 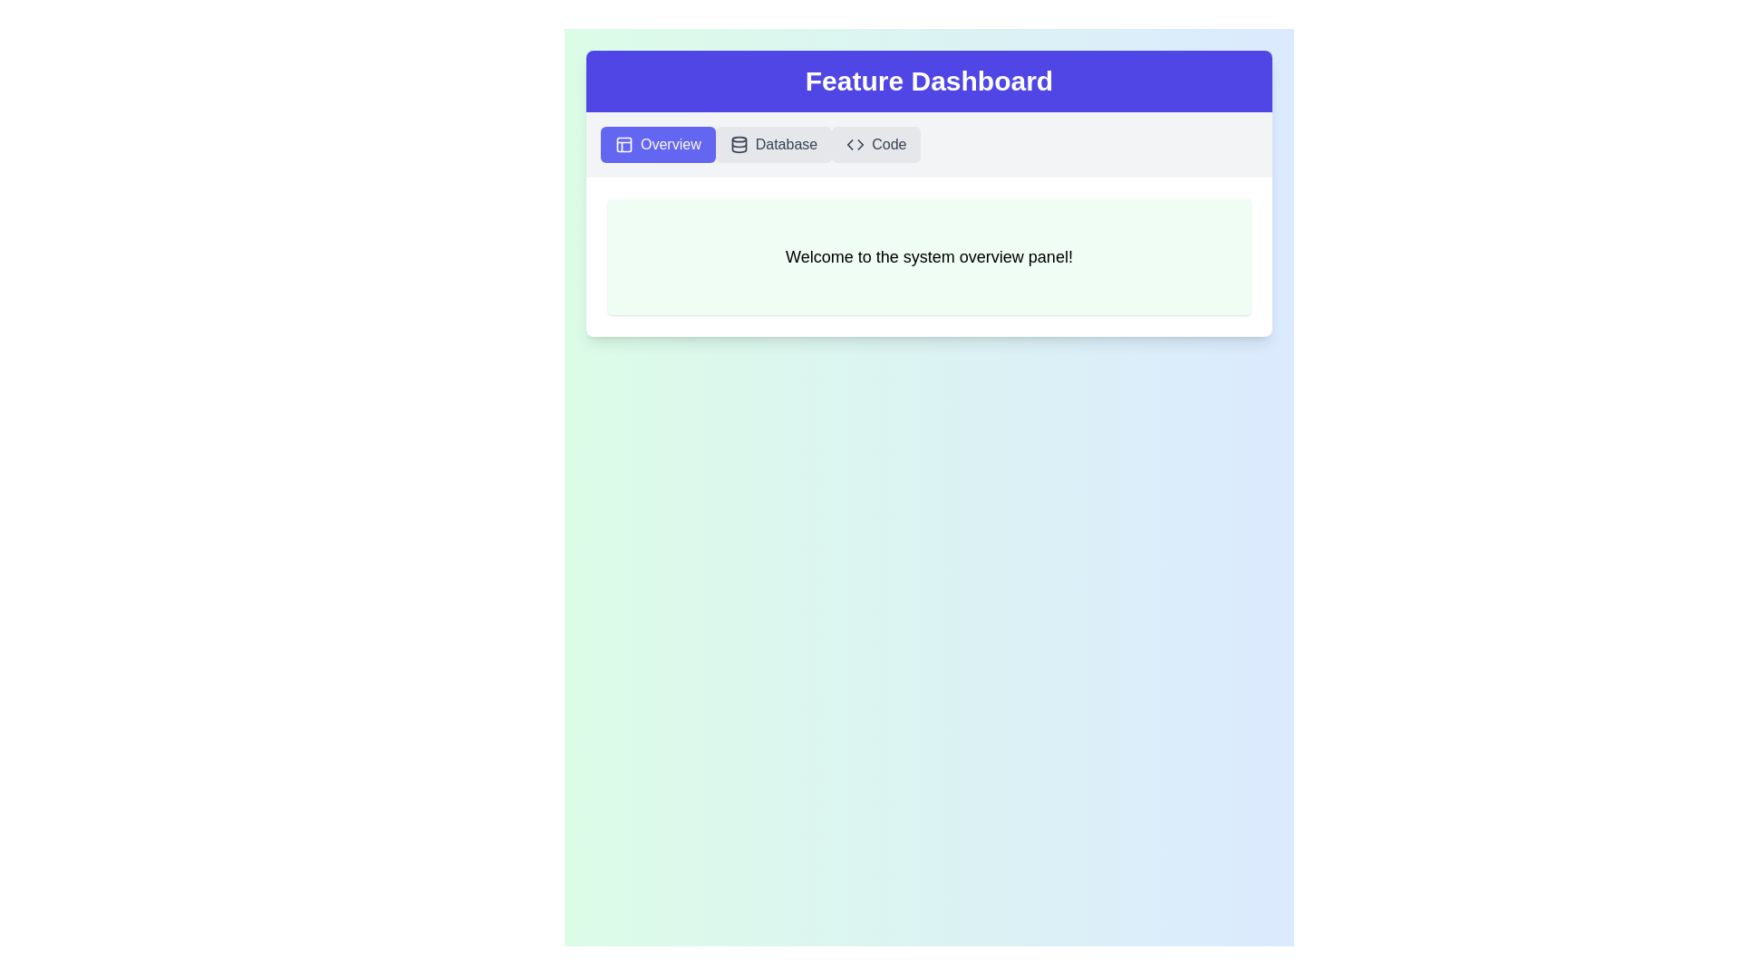 I want to click on the button in the navigation bar, so click(x=929, y=143).